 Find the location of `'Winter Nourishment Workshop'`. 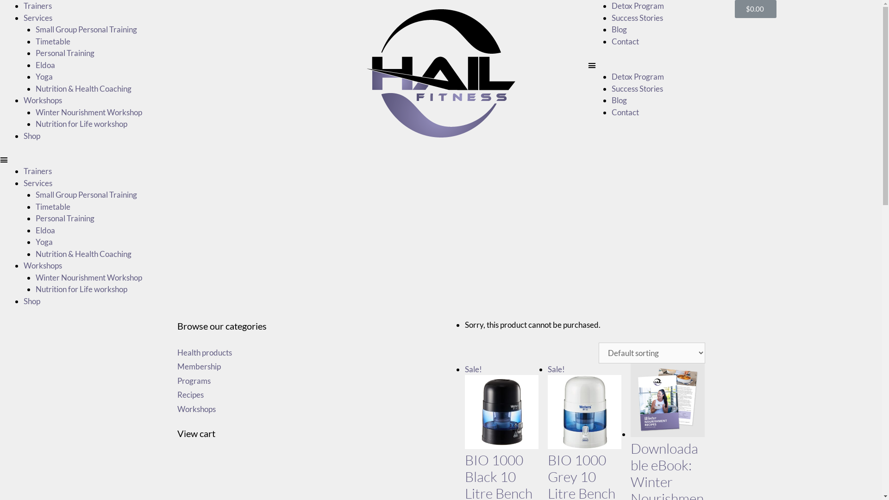

'Winter Nourishment Workshop' is located at coordinates (88, 112).